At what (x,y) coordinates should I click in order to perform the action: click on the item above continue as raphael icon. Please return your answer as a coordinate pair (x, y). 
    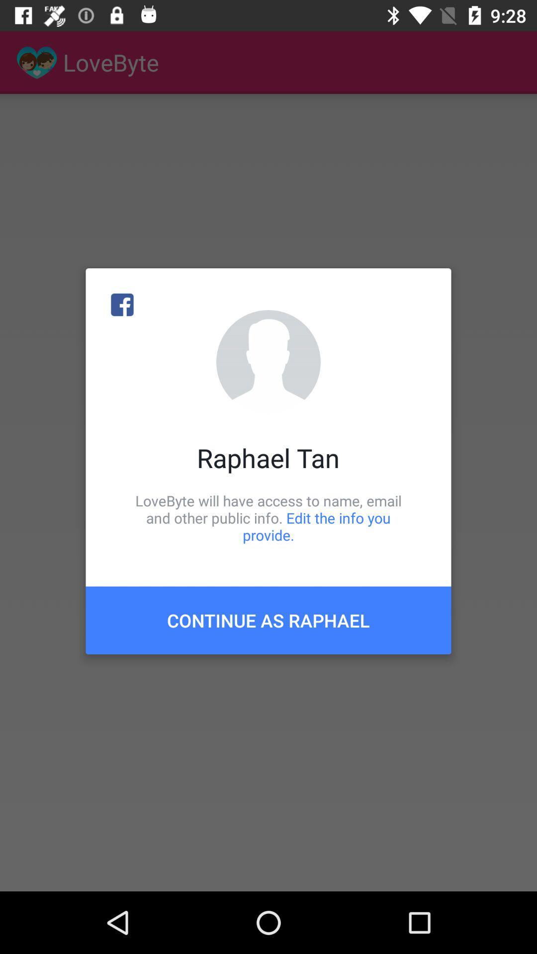
    Looking at the image, I should click on (268, 517).